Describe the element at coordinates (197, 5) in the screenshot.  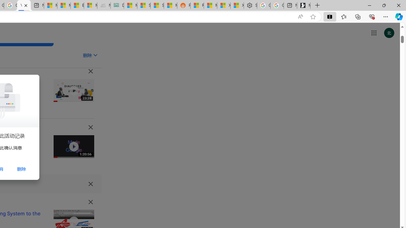
I see `'R******* | Trusted Community Engagement and Contributions'` at that location.